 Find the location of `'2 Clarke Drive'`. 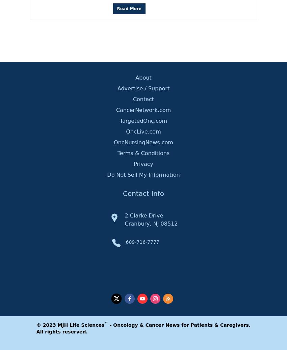

'2 Clarke Drive' is located at coordinates (124, 215).